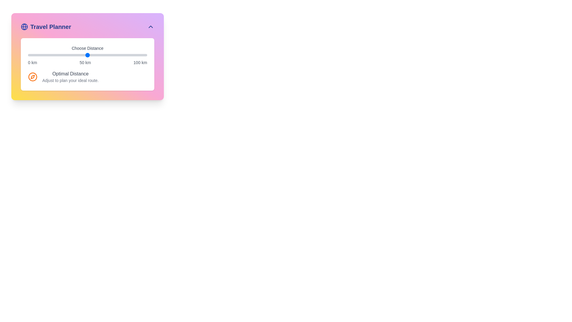  I want to click on the distance slider, so click(31, 55).